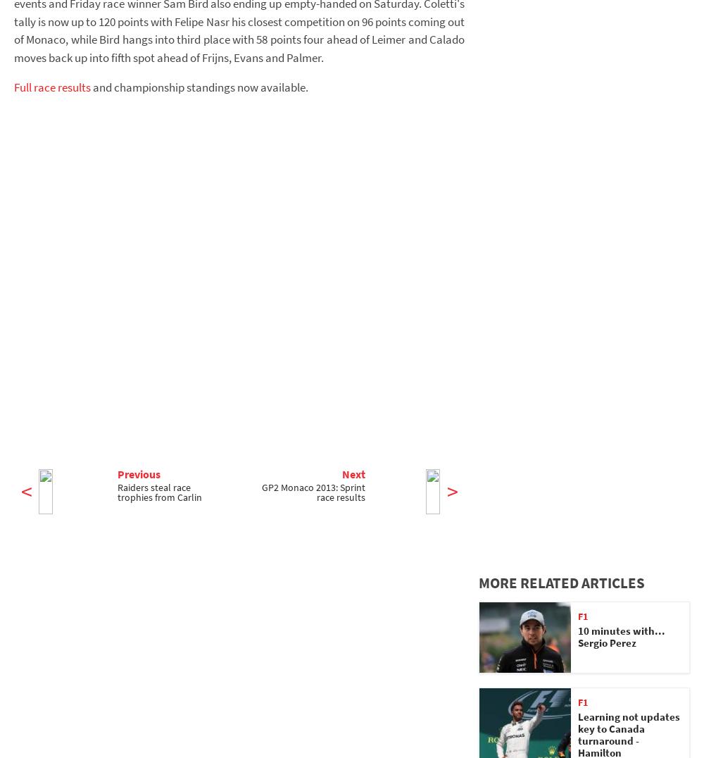 The height and width of the screenshot is (758, 704). Describe the element at coordinates (341, 472) in the screenshot. I see `'Next'` at that location.